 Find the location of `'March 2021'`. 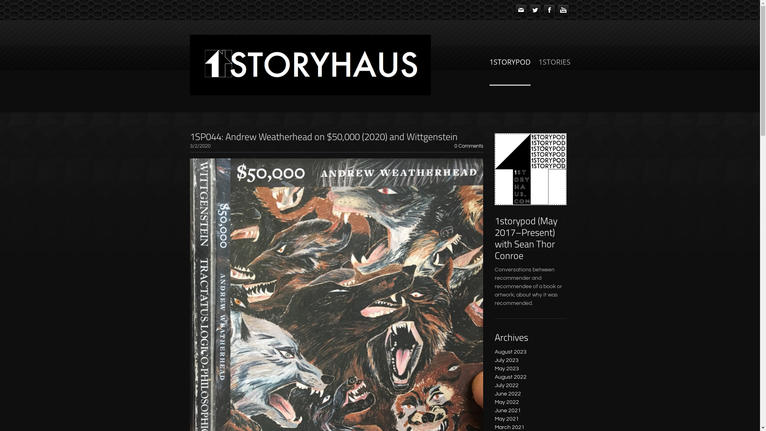

'March 2021' is located at coordinates (509, 427).